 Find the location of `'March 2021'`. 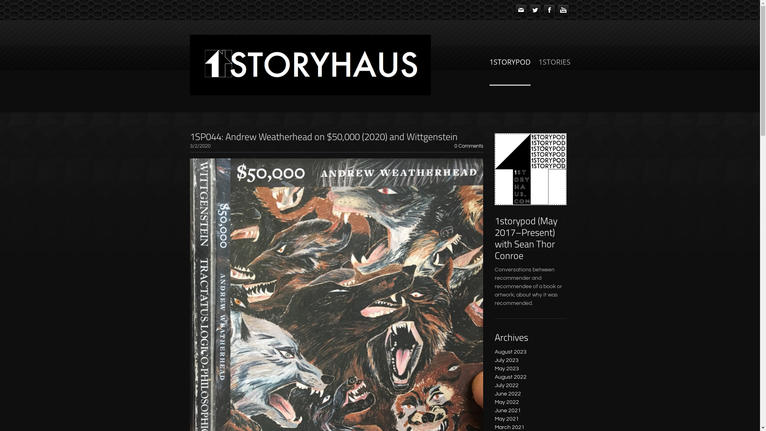

'March 2021' is located at coordinates (509, 427).